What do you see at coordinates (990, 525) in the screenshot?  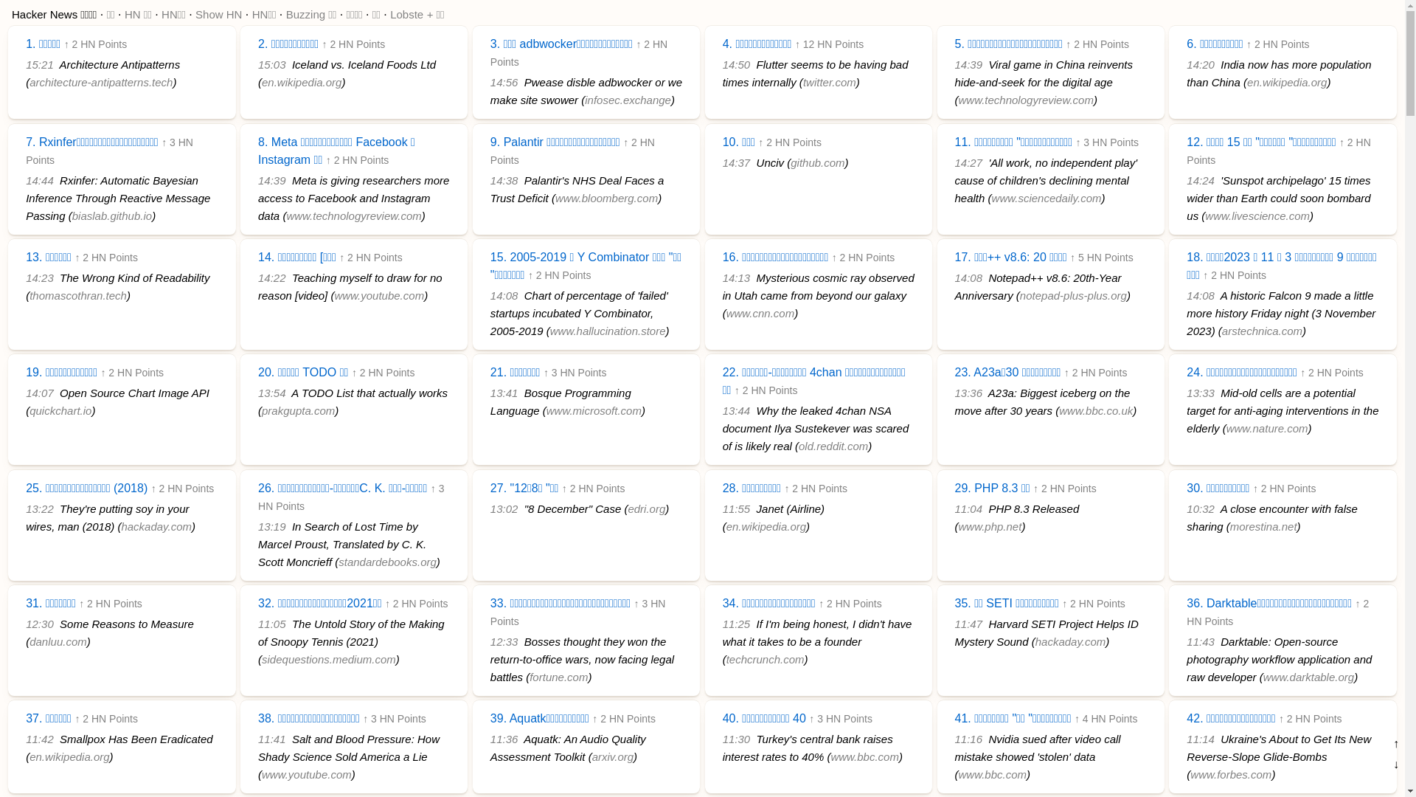 I see `'www.php.net'` at bounding box center [990, 525].